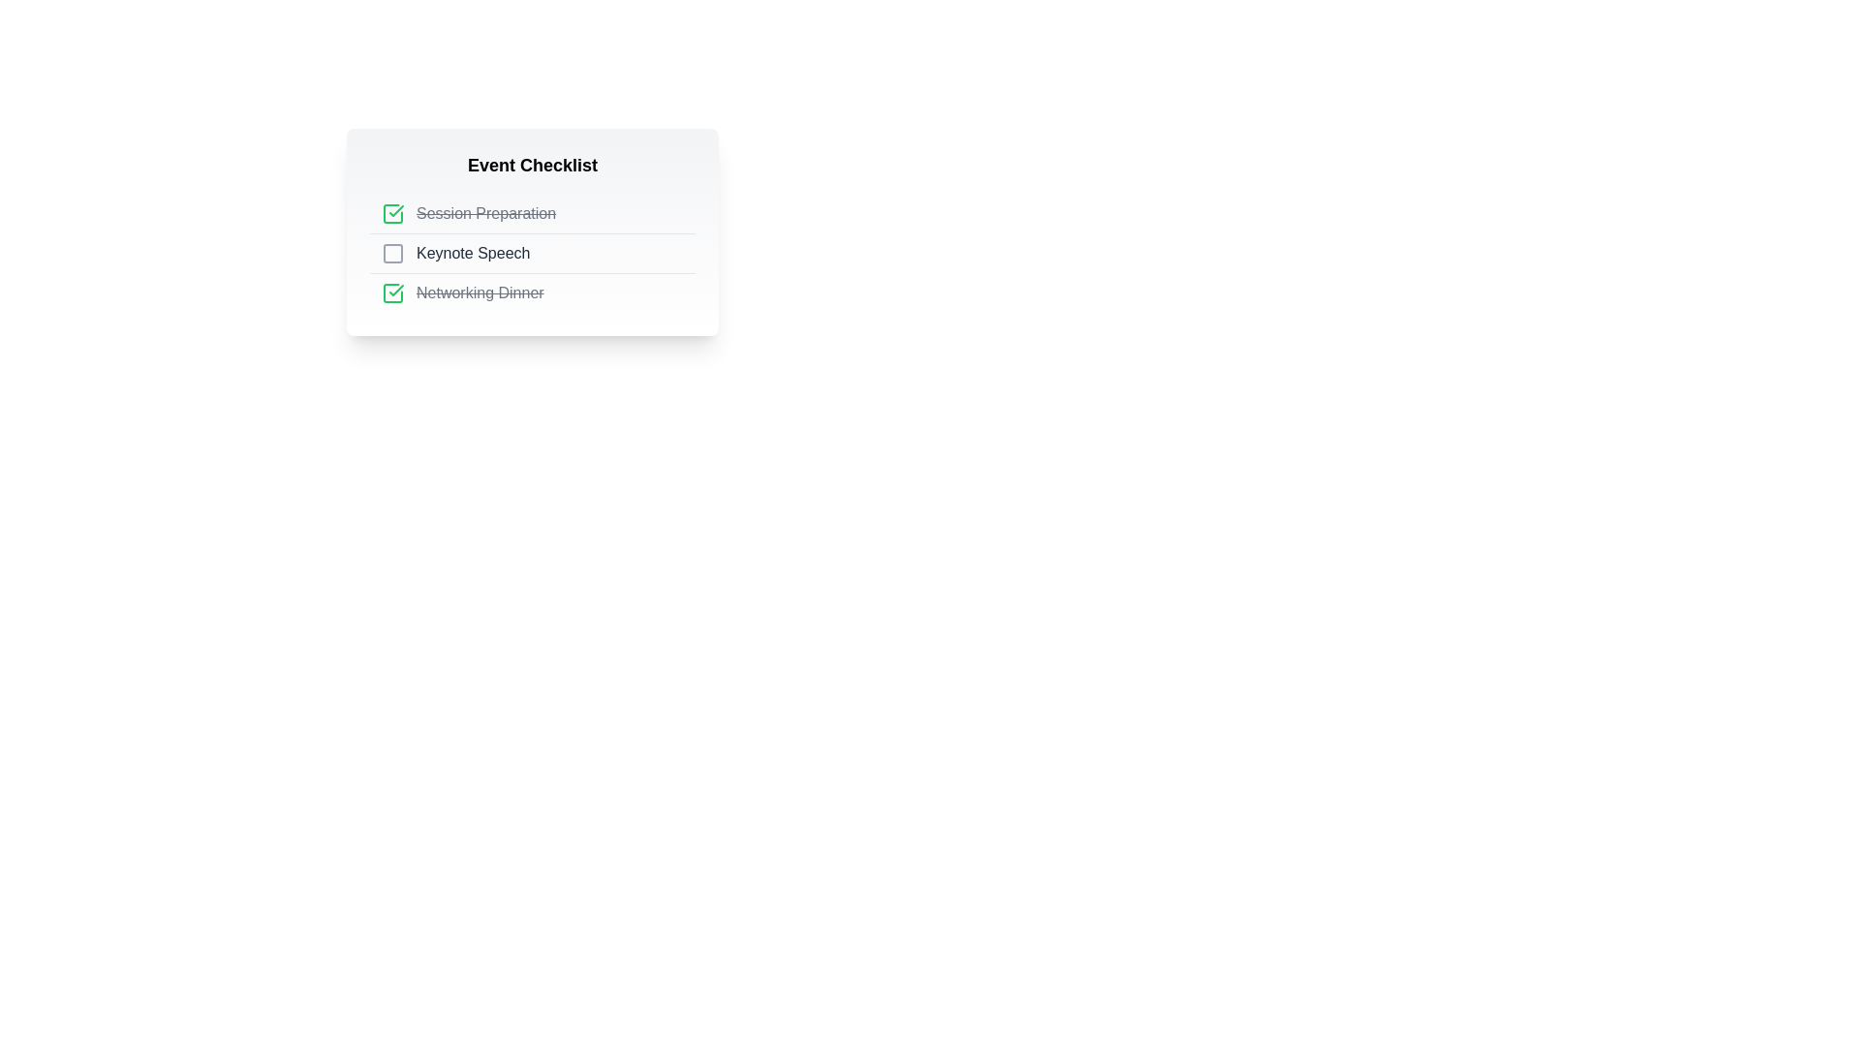  I want to click on the second checkbox icon representing the 'Keynote Speech' task in the checklist for a visual response, so click(392, 253).